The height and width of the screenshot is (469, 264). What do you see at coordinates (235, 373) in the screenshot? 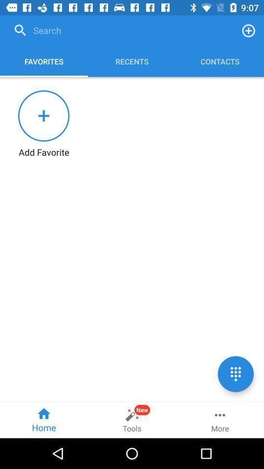
I see `phone keypad` at bounding box center [235, 373].